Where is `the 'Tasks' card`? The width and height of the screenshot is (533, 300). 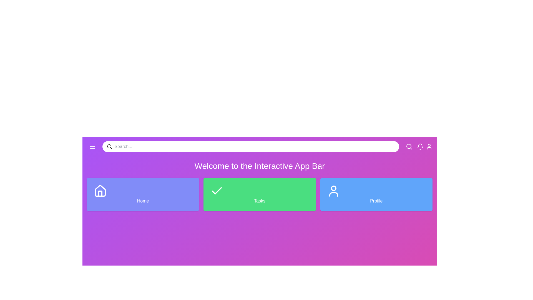
the 'Tasks' card is located at coordinates (259, 194).